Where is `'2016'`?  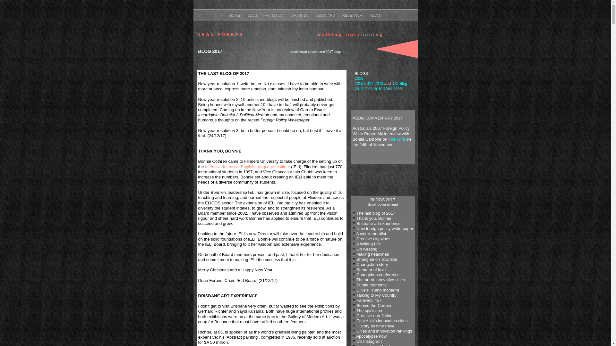
'2016' is located at coordinates (359, 78).